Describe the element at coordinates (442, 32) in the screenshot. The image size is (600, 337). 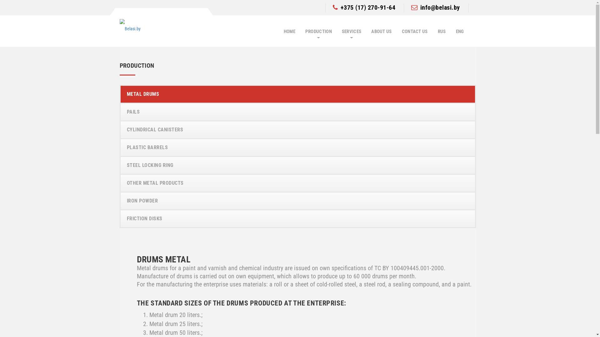
I see `'RUS'` at that location.